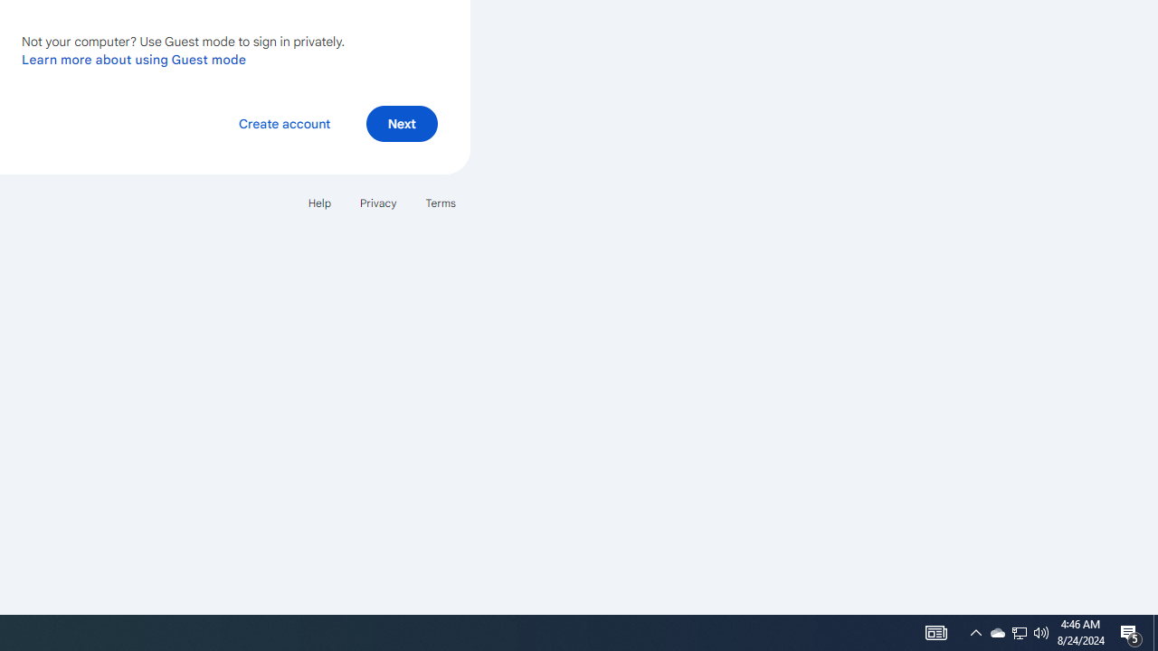 This screenshot has width=1158, height=651. I want to click on 'Next', so click(401, 122).